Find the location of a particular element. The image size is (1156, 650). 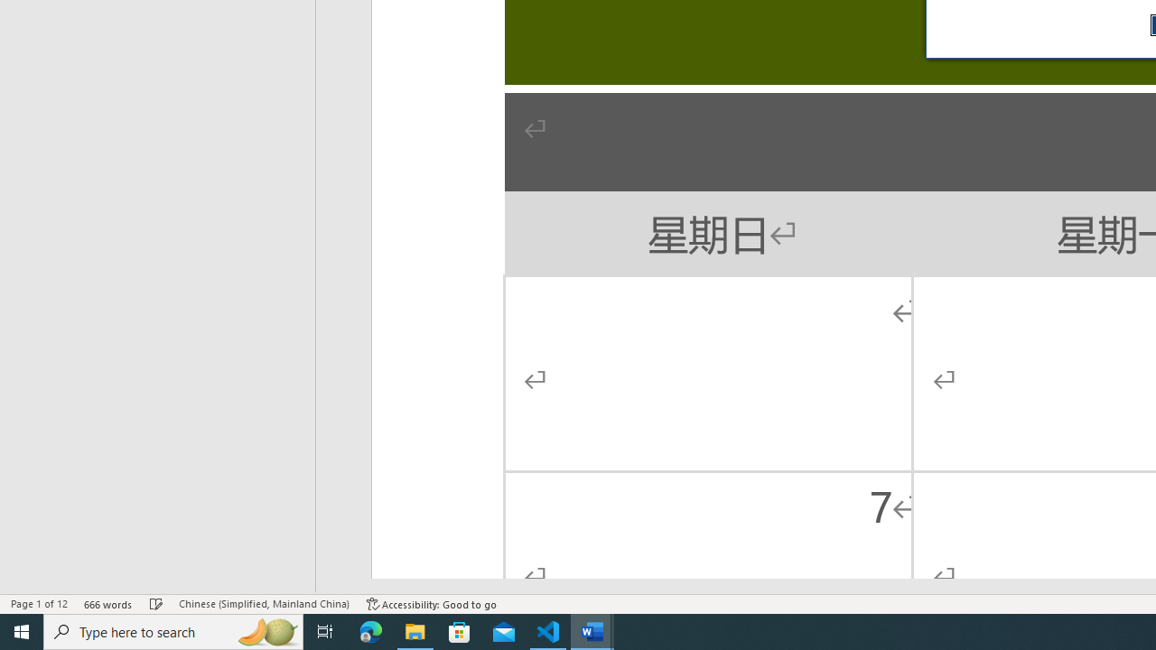

'Task View' is located at coordinates (324, 630).